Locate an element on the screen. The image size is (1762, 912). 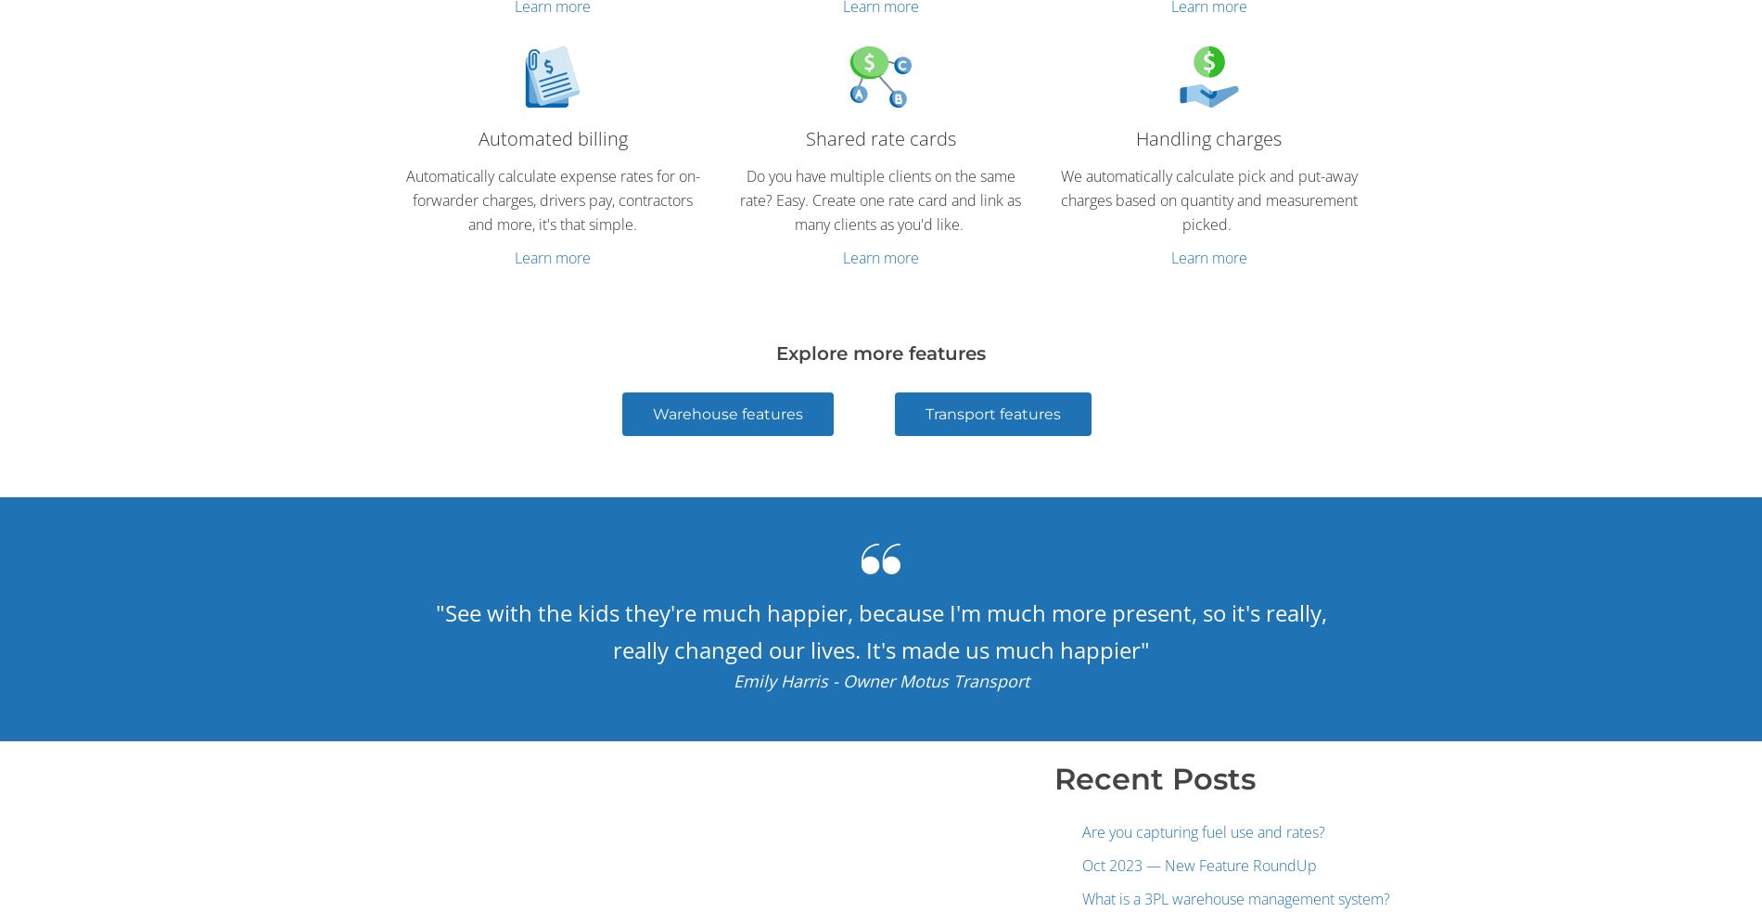
'Automated billing' is located at coordinates (552, 136).